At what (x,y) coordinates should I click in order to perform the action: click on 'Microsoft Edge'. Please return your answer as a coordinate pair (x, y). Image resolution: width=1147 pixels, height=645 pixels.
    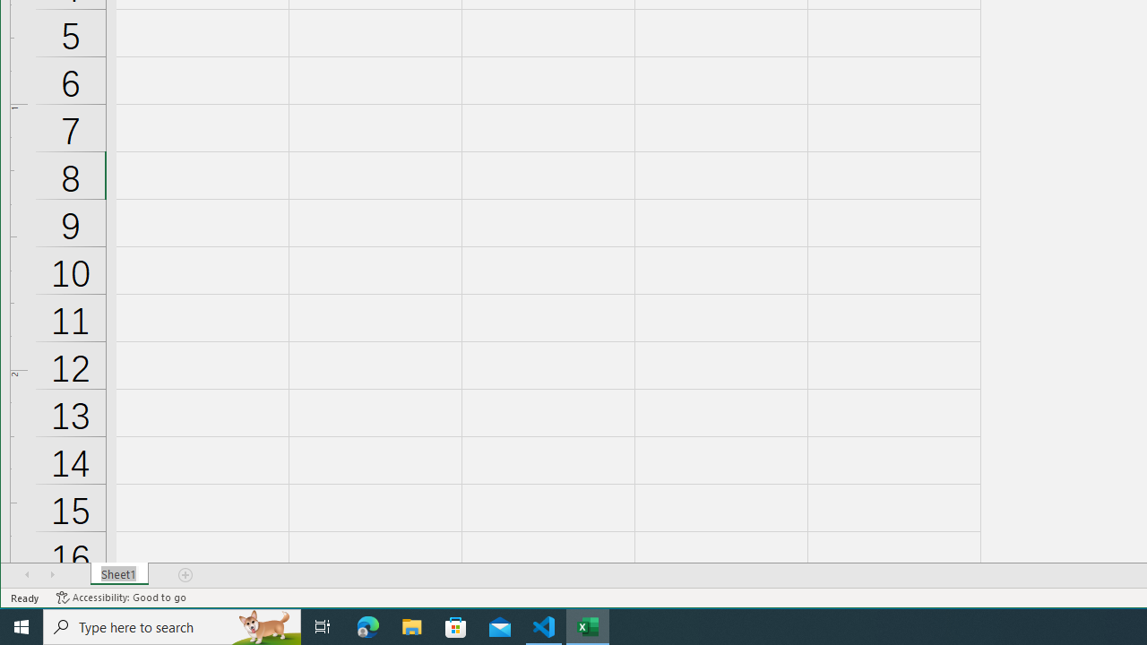
    Looking at the image, I should click on (367, 625).